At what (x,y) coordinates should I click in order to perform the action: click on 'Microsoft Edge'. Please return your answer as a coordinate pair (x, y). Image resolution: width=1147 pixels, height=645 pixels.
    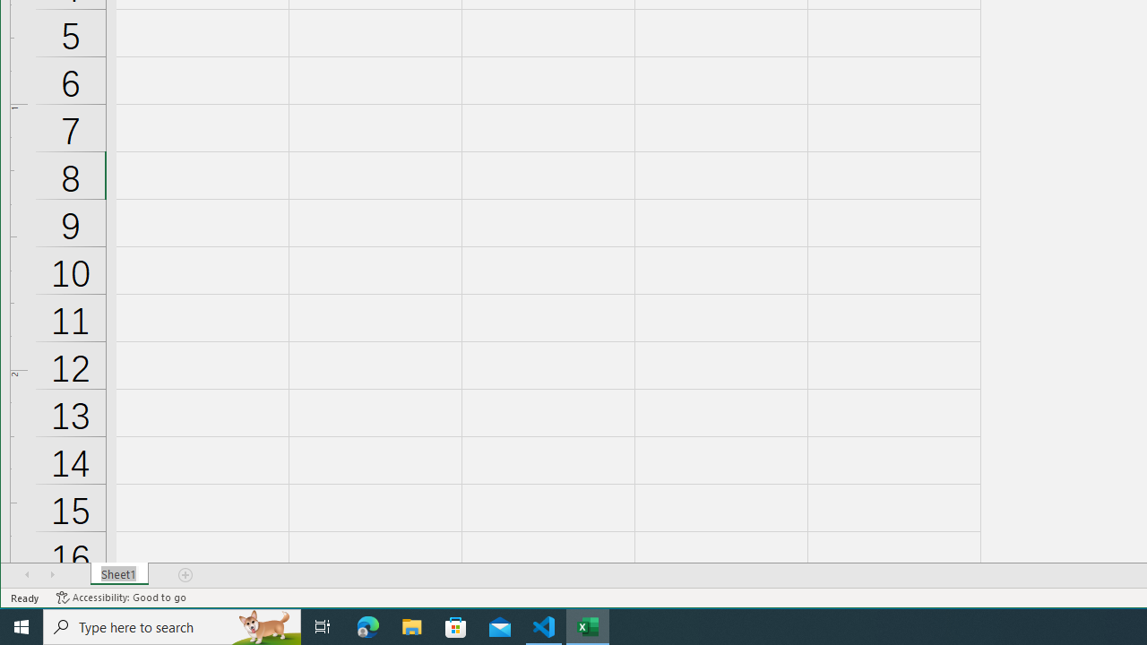
    Looking at the image, I should click on (367, 625).